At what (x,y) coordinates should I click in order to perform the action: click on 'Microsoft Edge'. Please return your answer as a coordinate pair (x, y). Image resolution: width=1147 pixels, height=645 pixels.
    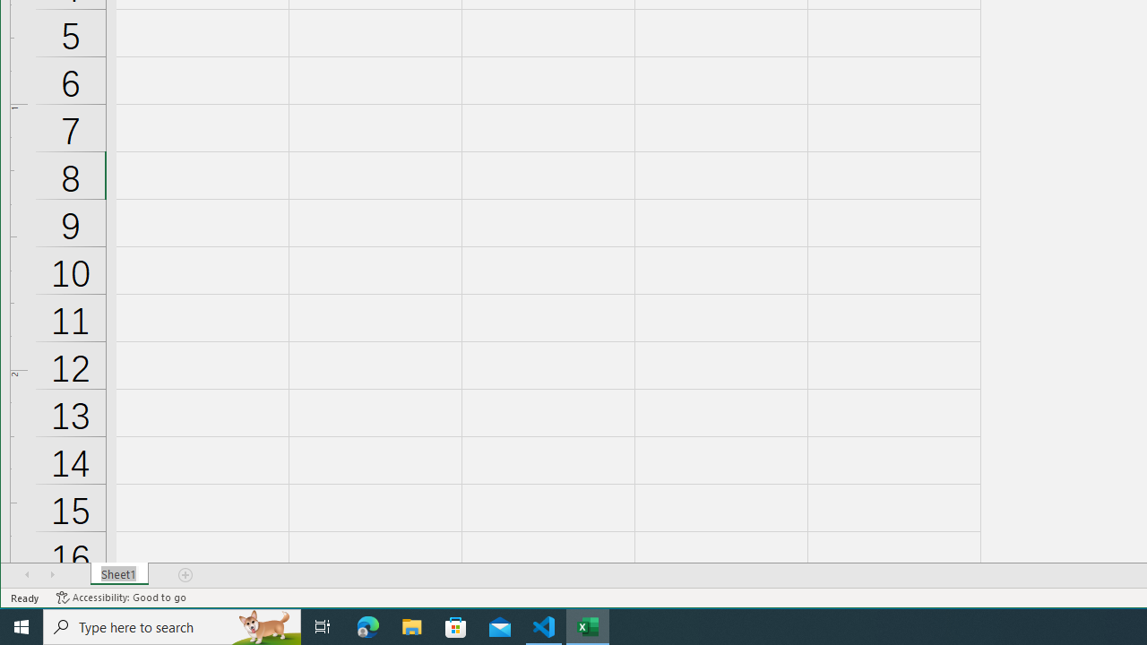
    Looking at the image, I should click on (367, 625).